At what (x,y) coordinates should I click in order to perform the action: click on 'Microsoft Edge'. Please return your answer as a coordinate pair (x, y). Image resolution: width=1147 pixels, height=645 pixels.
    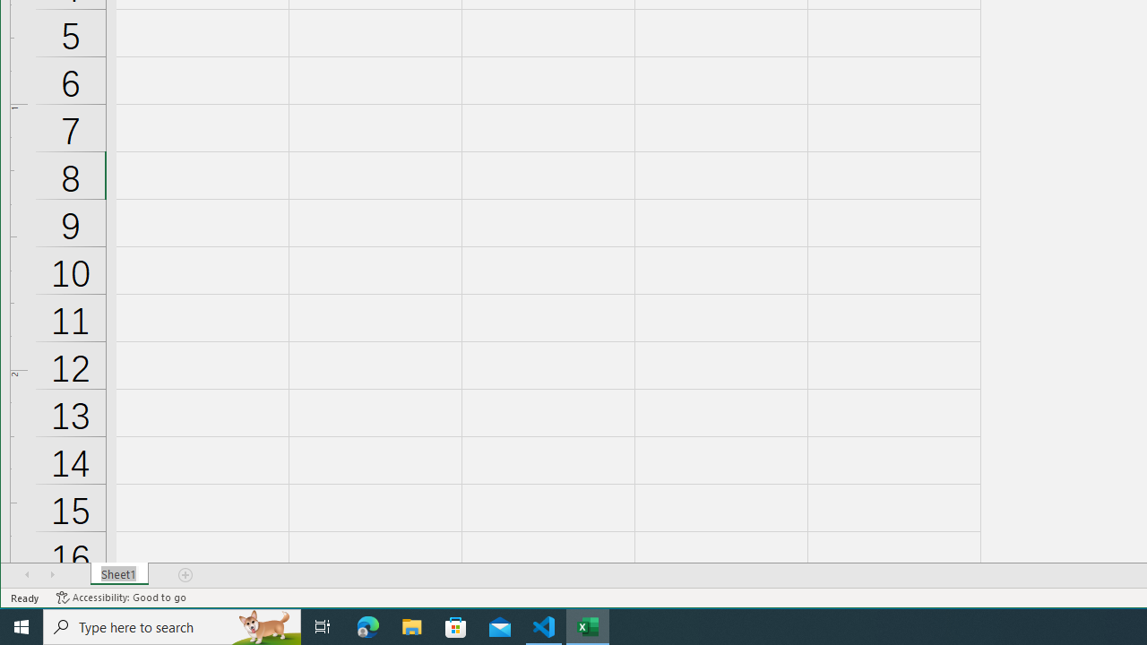
    Looking at the image, I should click on (367, 625).